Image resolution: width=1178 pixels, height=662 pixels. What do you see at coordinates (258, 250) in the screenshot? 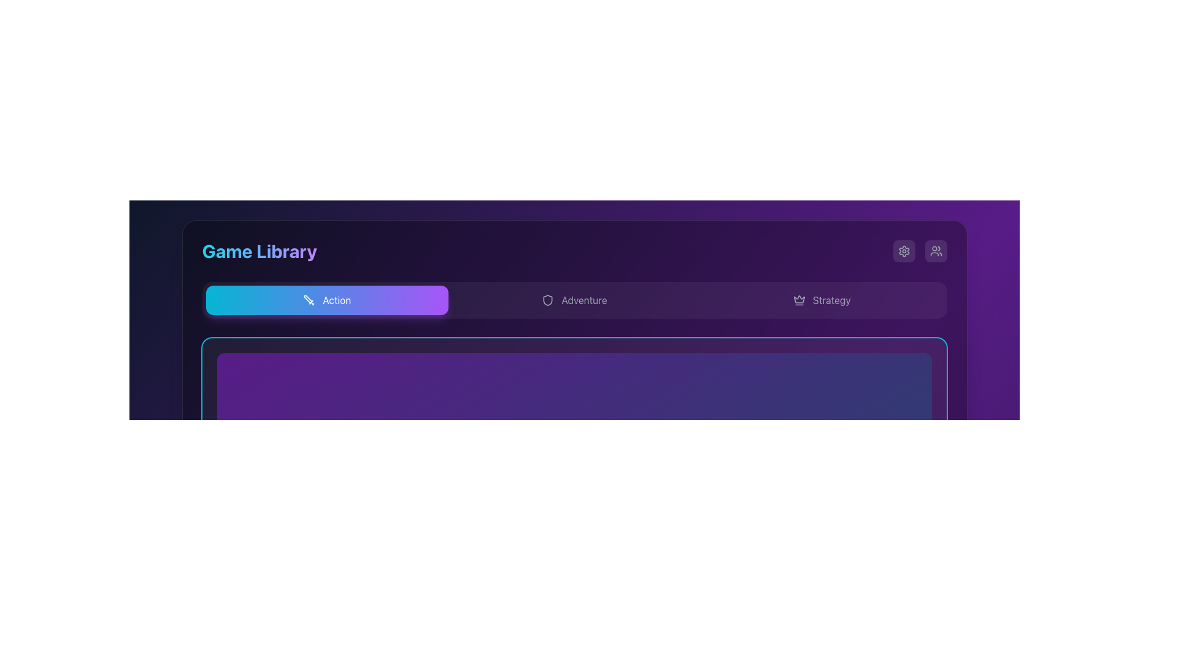
I see `the 'Game Library' text header` at bounding box center [258, 250].